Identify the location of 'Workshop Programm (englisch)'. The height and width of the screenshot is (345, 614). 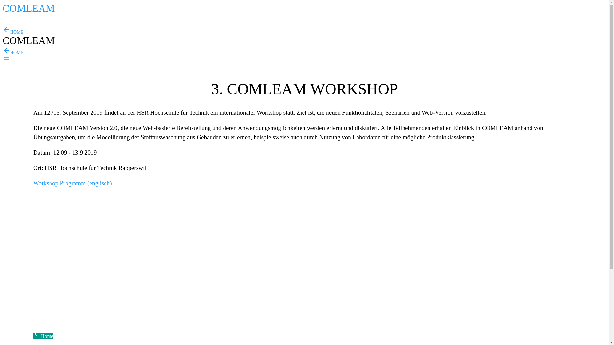
(72, 183).